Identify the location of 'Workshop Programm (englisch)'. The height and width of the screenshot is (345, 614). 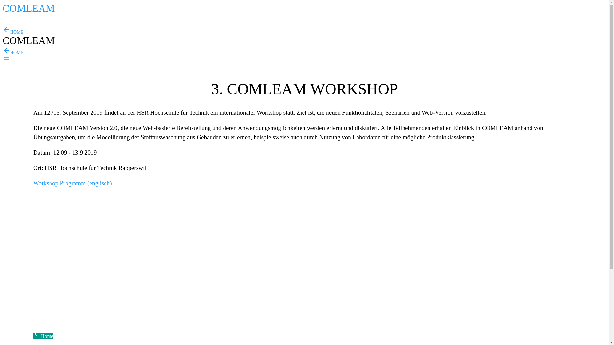
(72, 183).